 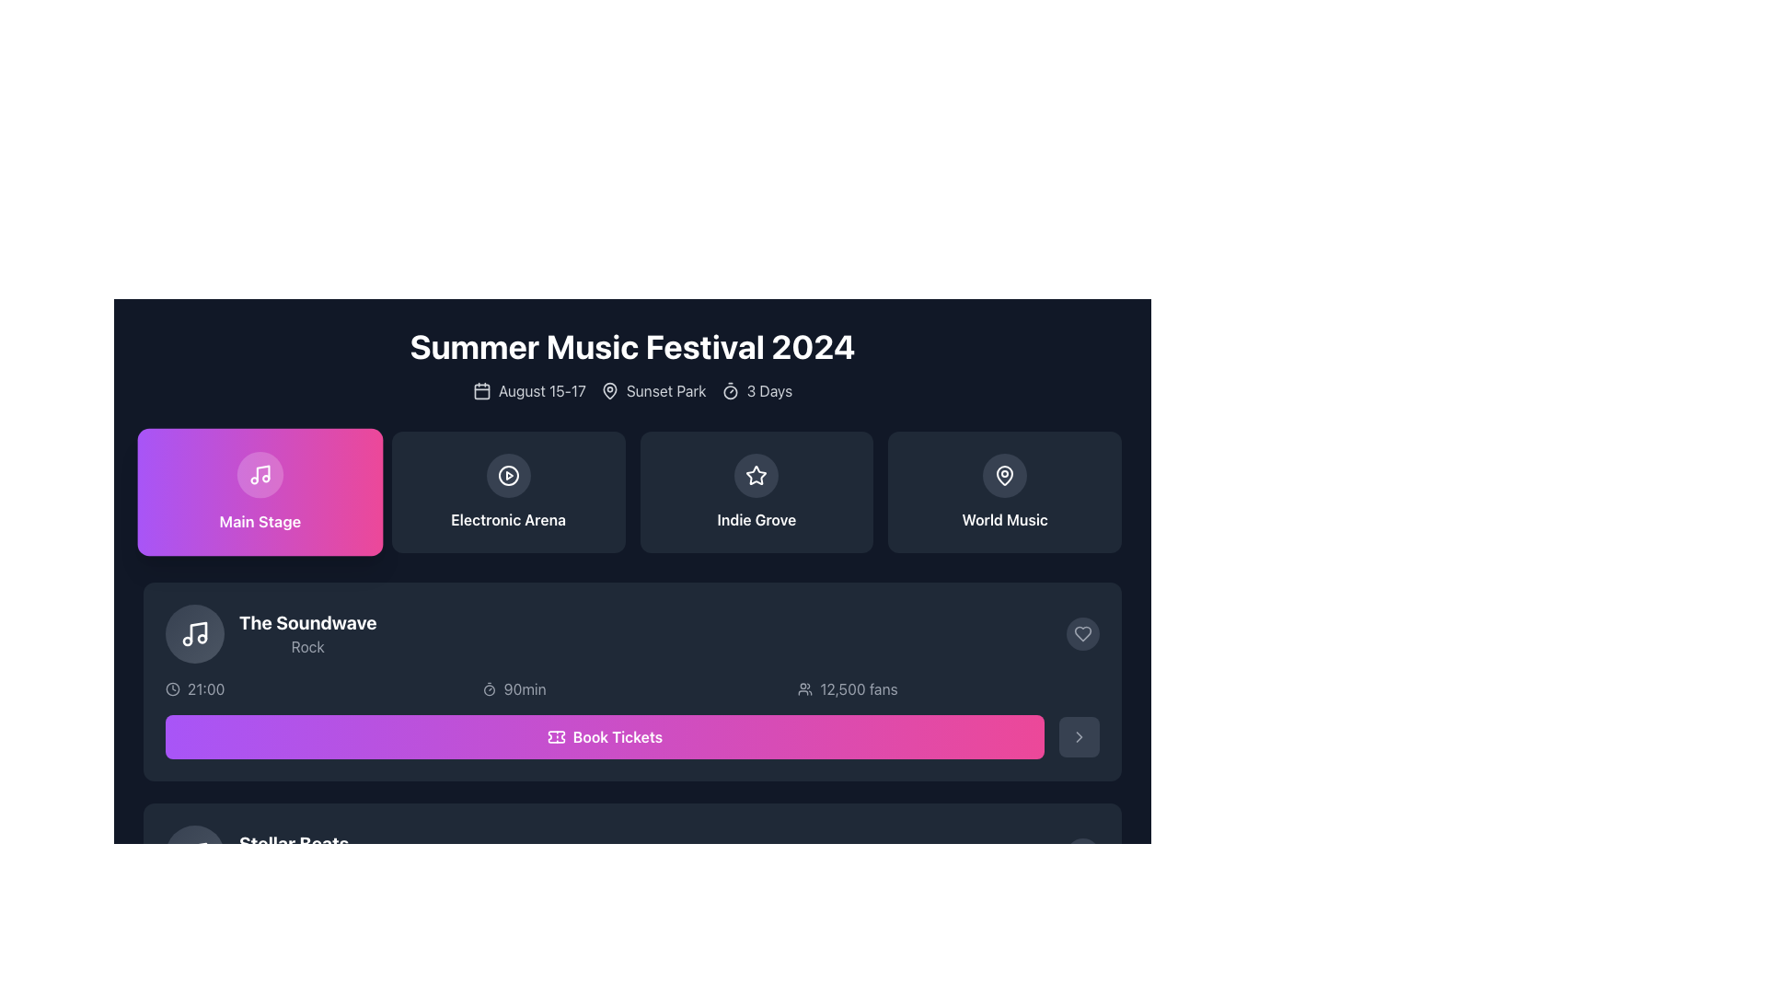 I want to click on the timer icon located in the upper-left section of the group that contains the text '90min', situated to the left of the text, so click(x=489, y=688).